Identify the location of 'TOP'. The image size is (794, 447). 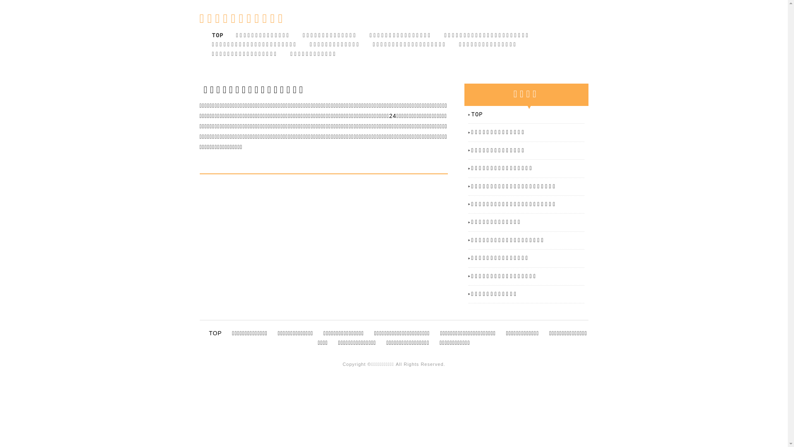
(218, 35).